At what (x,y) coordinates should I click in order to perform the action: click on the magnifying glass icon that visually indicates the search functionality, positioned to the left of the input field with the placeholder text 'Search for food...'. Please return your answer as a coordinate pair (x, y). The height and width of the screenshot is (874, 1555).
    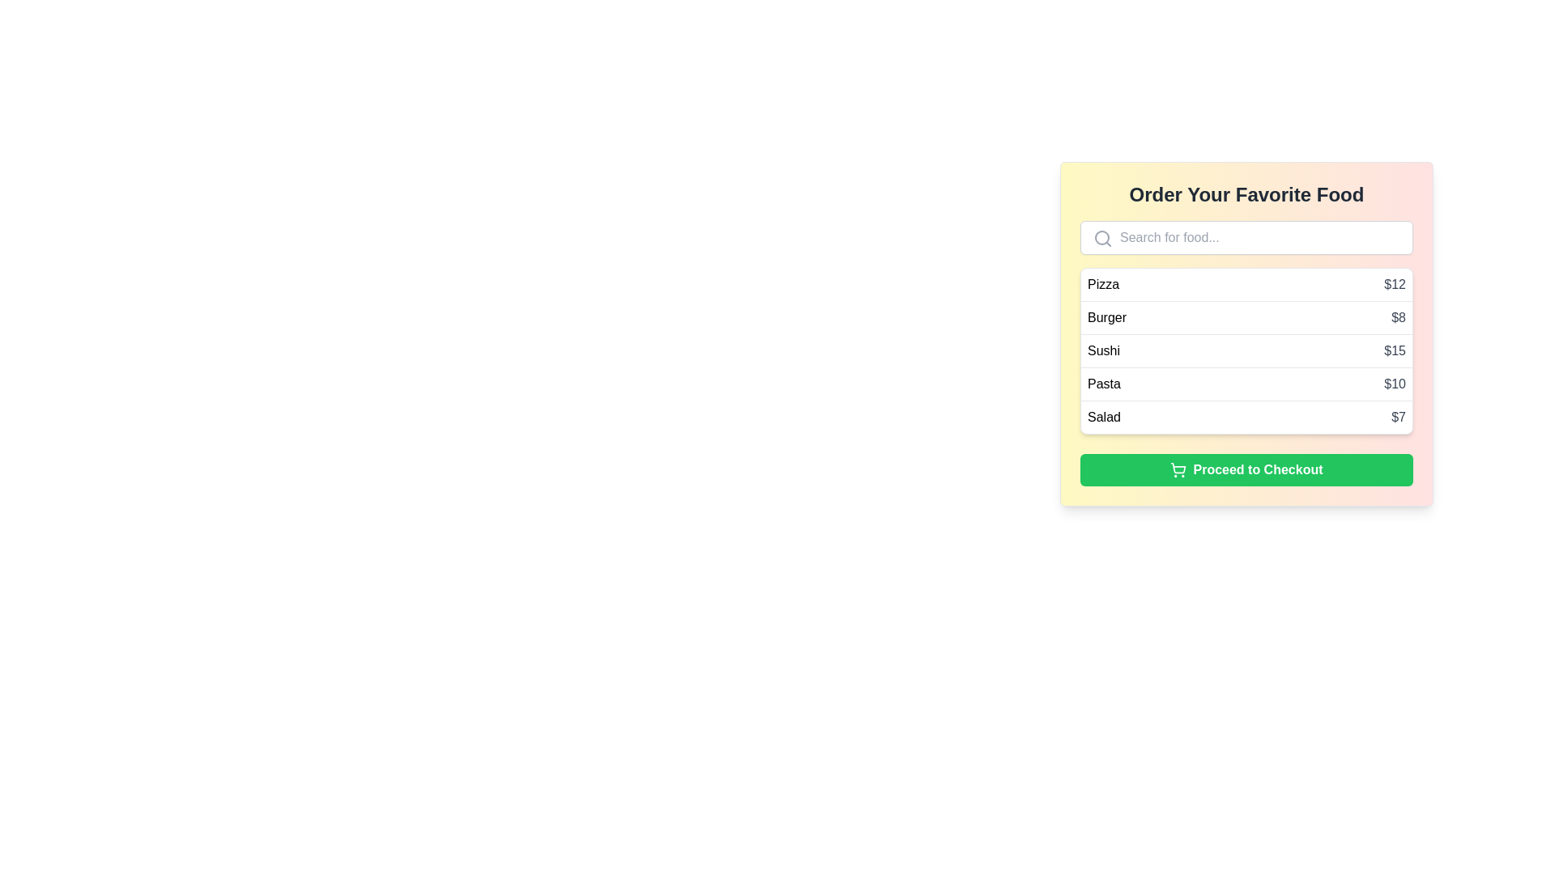
    Looking at the image, I should click on (1102, 238).